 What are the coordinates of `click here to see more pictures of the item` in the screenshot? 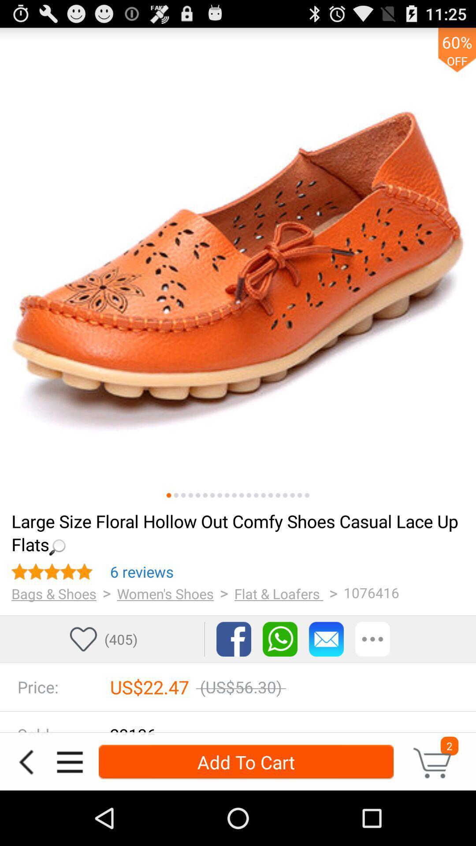 It's located at (183, 495).